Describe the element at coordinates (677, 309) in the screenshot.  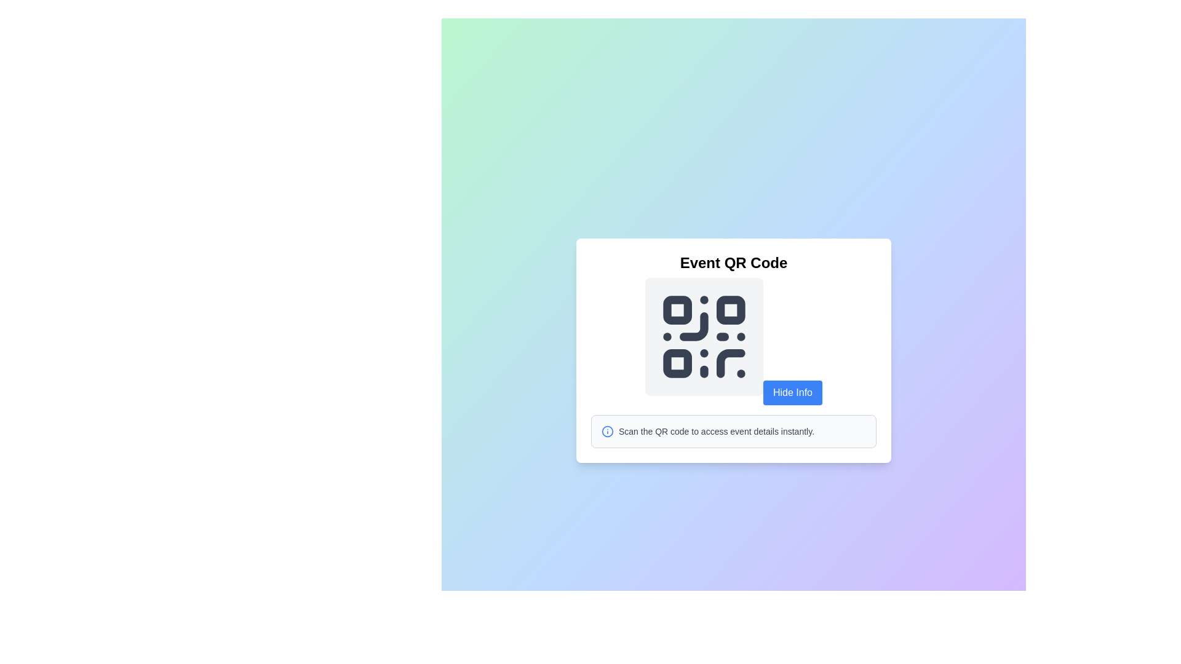
I see `the small square-shaped Graphical QR code module with rounded corners located in the top-left corner of the QR code design matrix` at that location.